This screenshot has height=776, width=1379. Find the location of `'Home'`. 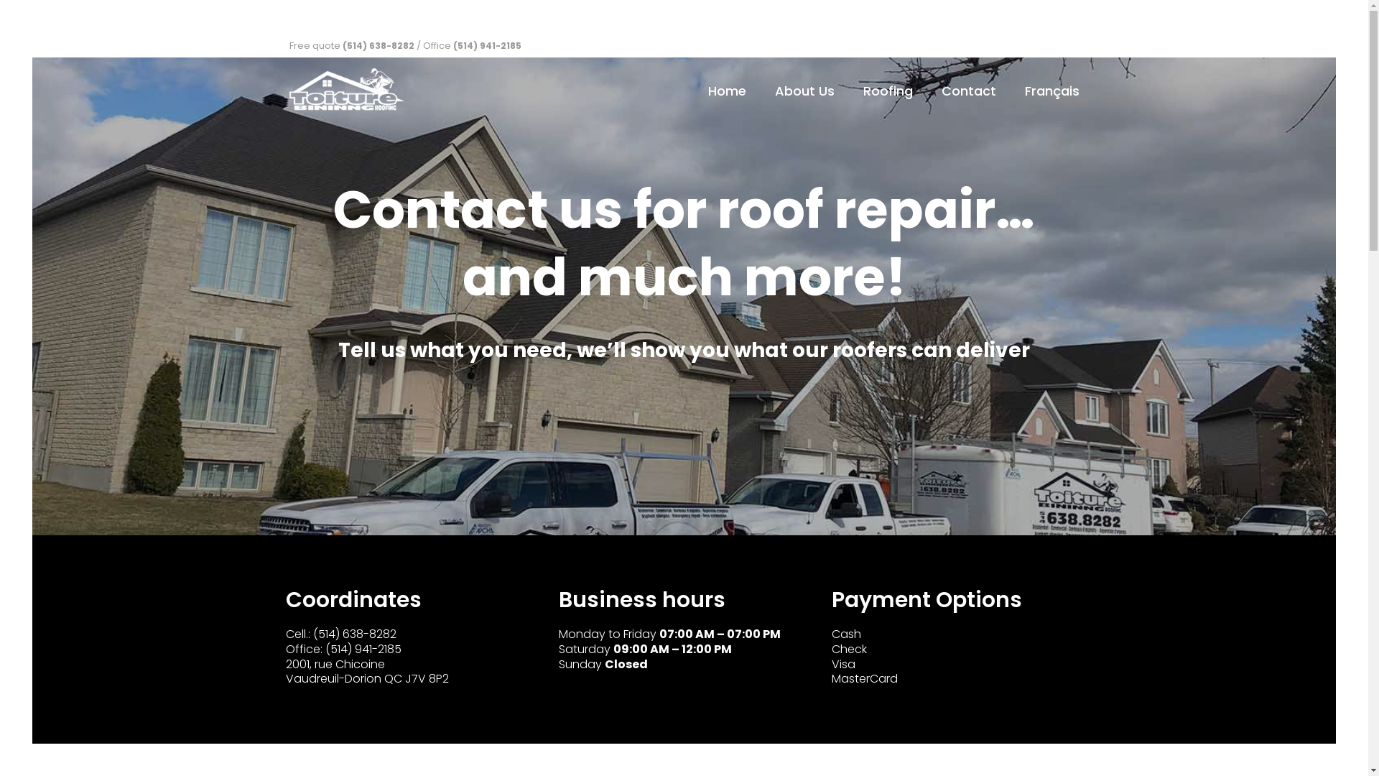

'Home' is located at coordinates (727, 89).